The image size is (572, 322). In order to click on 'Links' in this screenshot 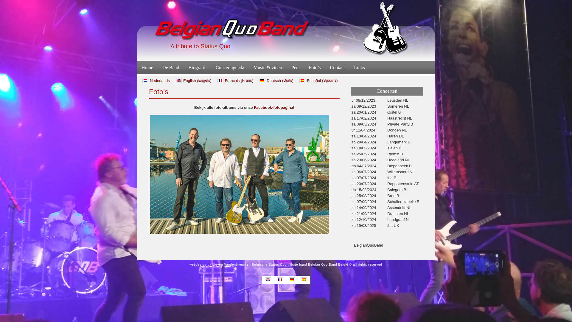, I will do `click(359, 67)`.